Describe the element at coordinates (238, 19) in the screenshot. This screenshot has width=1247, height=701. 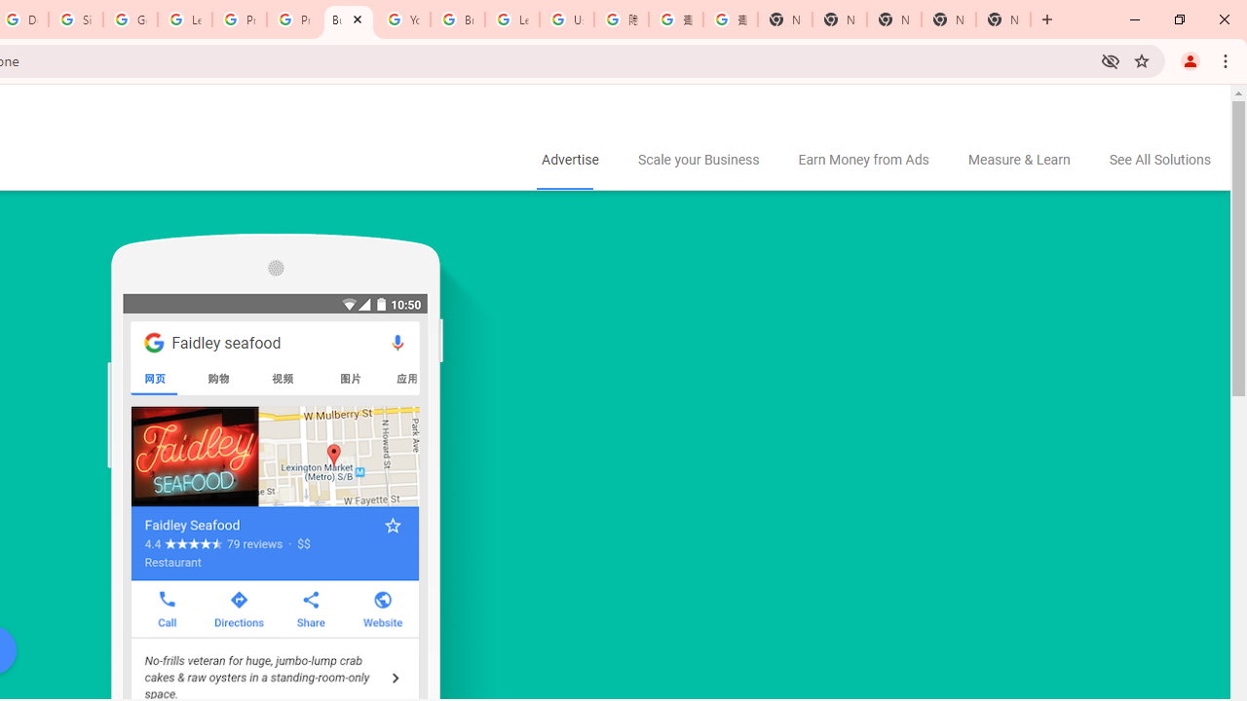
I see `'Privacy Help Center - Policies Help'` at that location.